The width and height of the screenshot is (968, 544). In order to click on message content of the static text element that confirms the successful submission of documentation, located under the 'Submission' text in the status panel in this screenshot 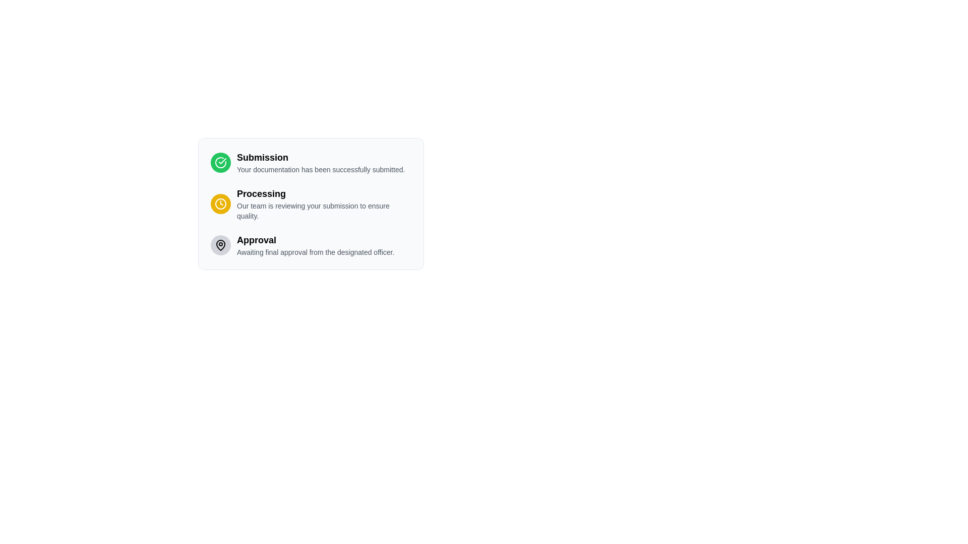, I will do `click(320, 169)`.